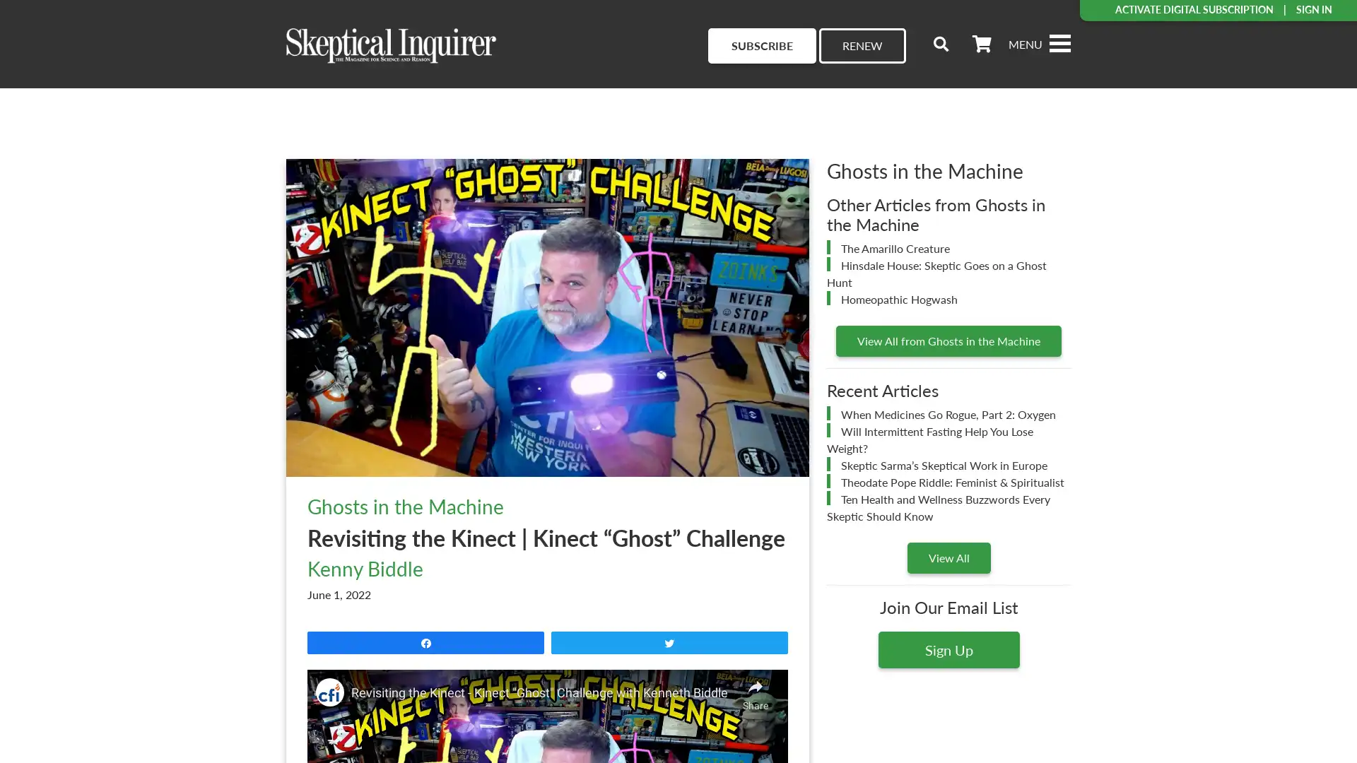  What do you see at coordinates (862, 45) in the screenshot?
I see `RENEW` at bounding box center [862, 45].